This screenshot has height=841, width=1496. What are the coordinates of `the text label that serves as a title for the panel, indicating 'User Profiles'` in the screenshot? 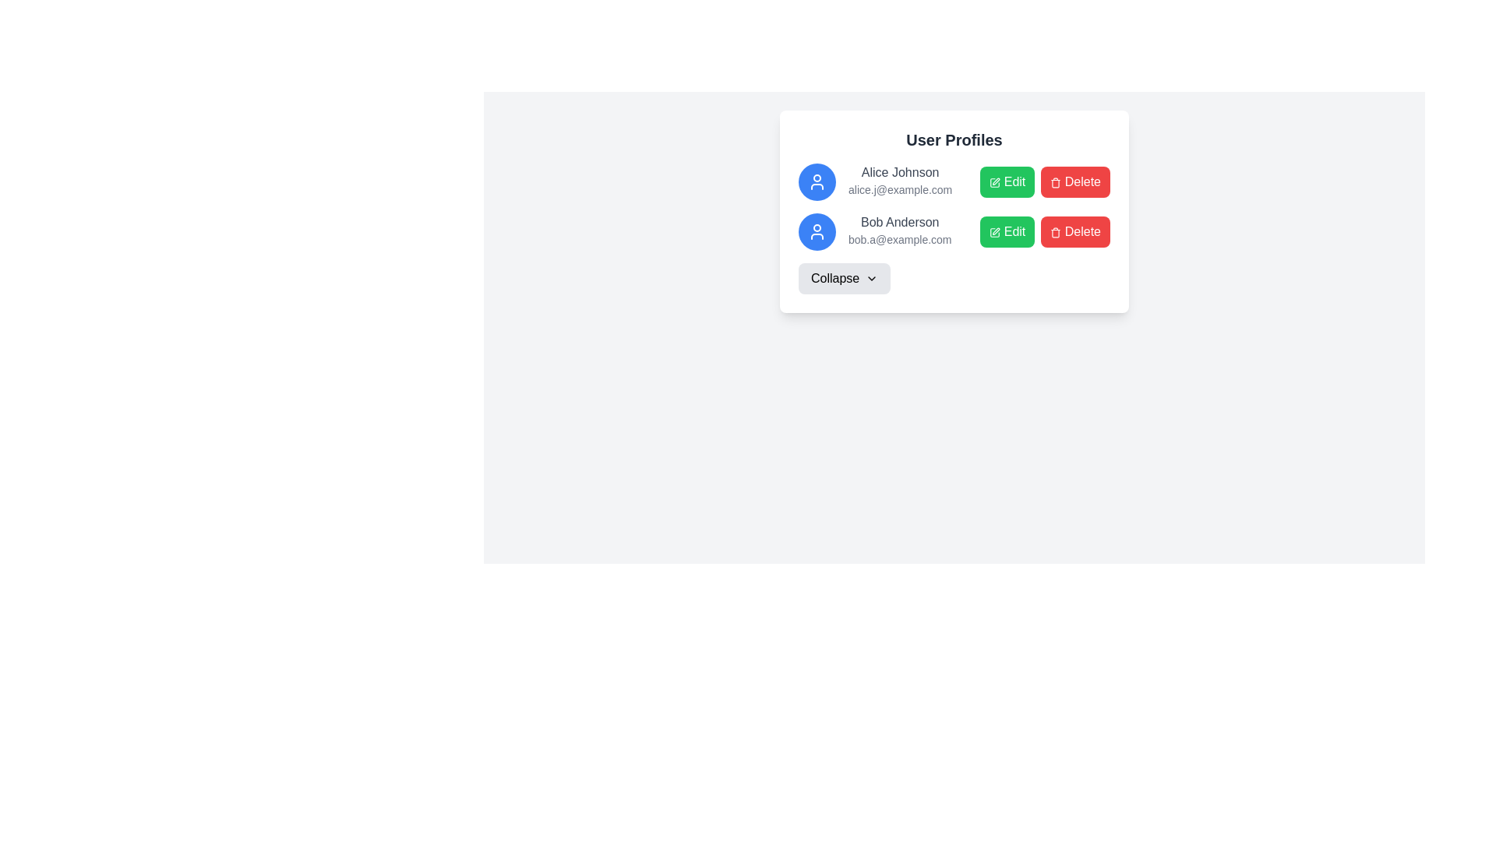 It's located at (953, 140).